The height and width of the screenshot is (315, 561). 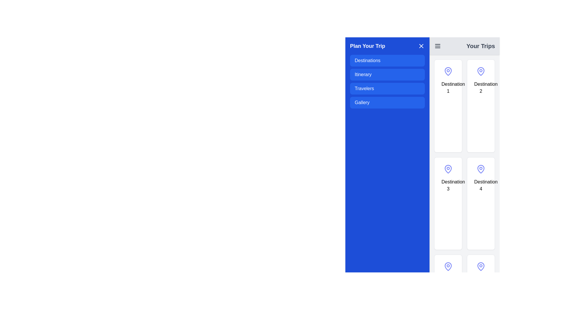 What do you see at coordinates (421, 46) in the screenshot?
I see `the small 'X' icon button located in the upper right corner of the 'Plan Your Trip' section` at bounding box center [421, 46].